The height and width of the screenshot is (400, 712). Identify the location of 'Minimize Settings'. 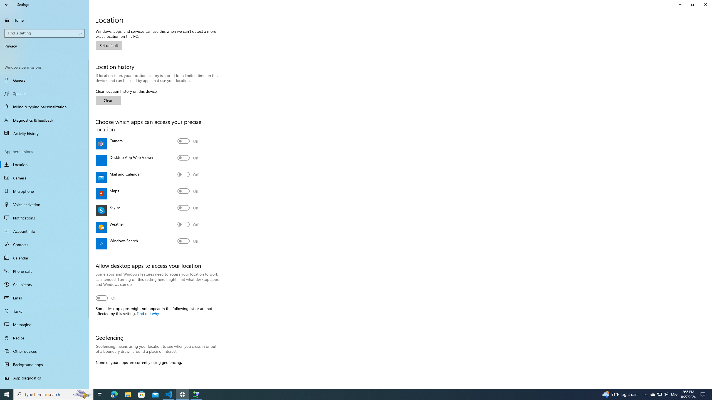
(679, 4).